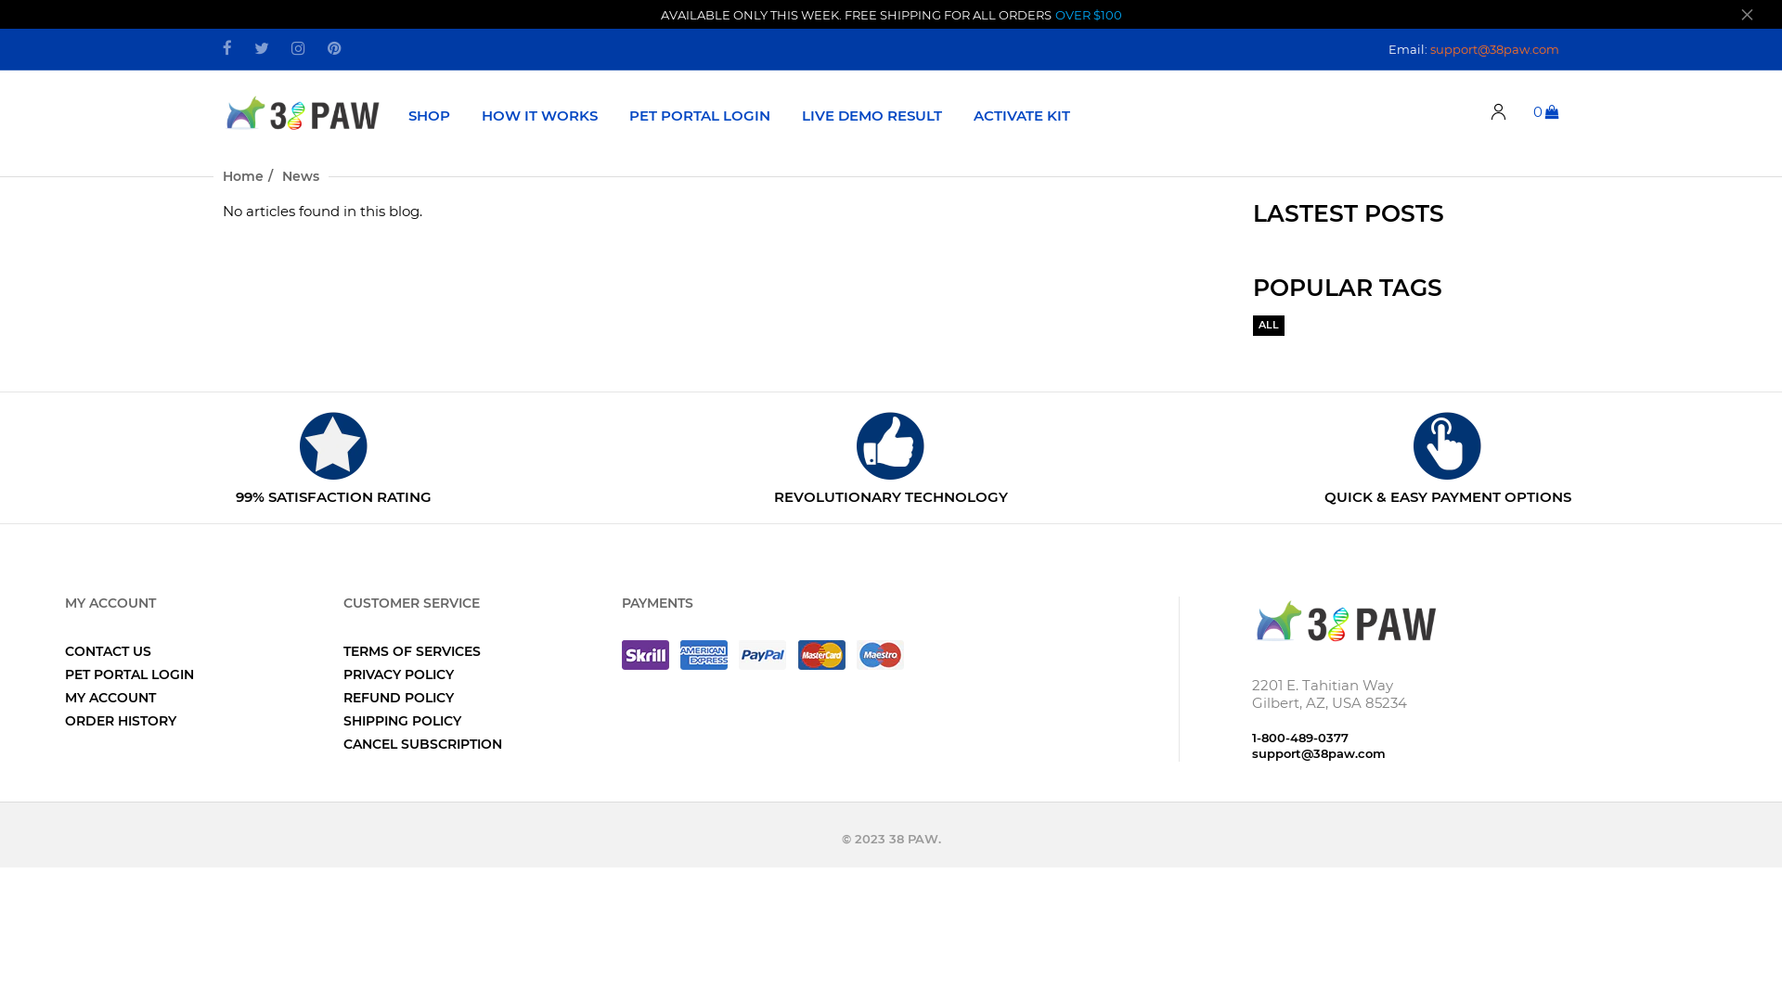 The width and height of the screenshot is (1782, 1002). I want to click on 'ALL', so click(1268, 325).